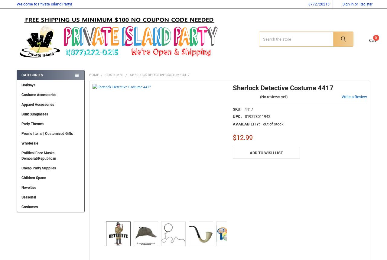  What do you see at coordinates (159, 79) in the screenshot?
I see `'Sherlock Detective Costume 4417'` at bounding box center [159, 79].